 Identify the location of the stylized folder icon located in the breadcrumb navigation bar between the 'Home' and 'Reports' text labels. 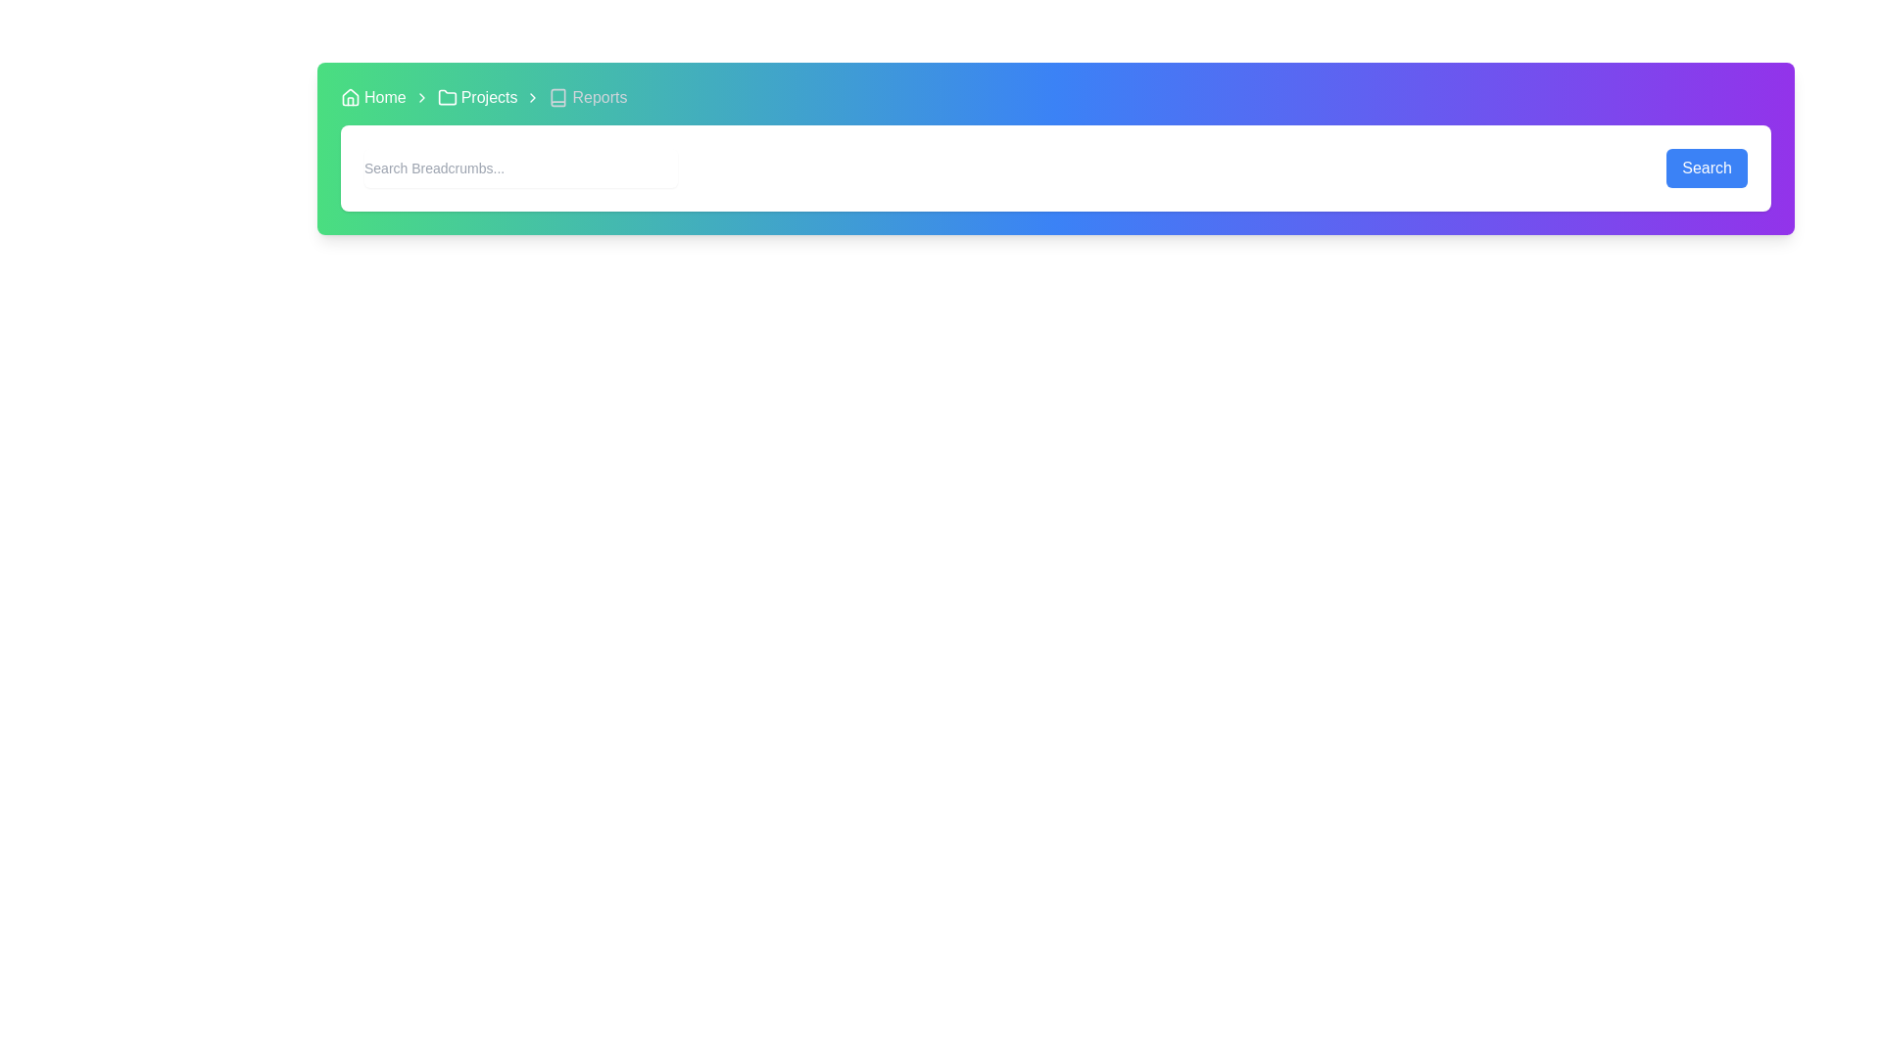
(446, 97).